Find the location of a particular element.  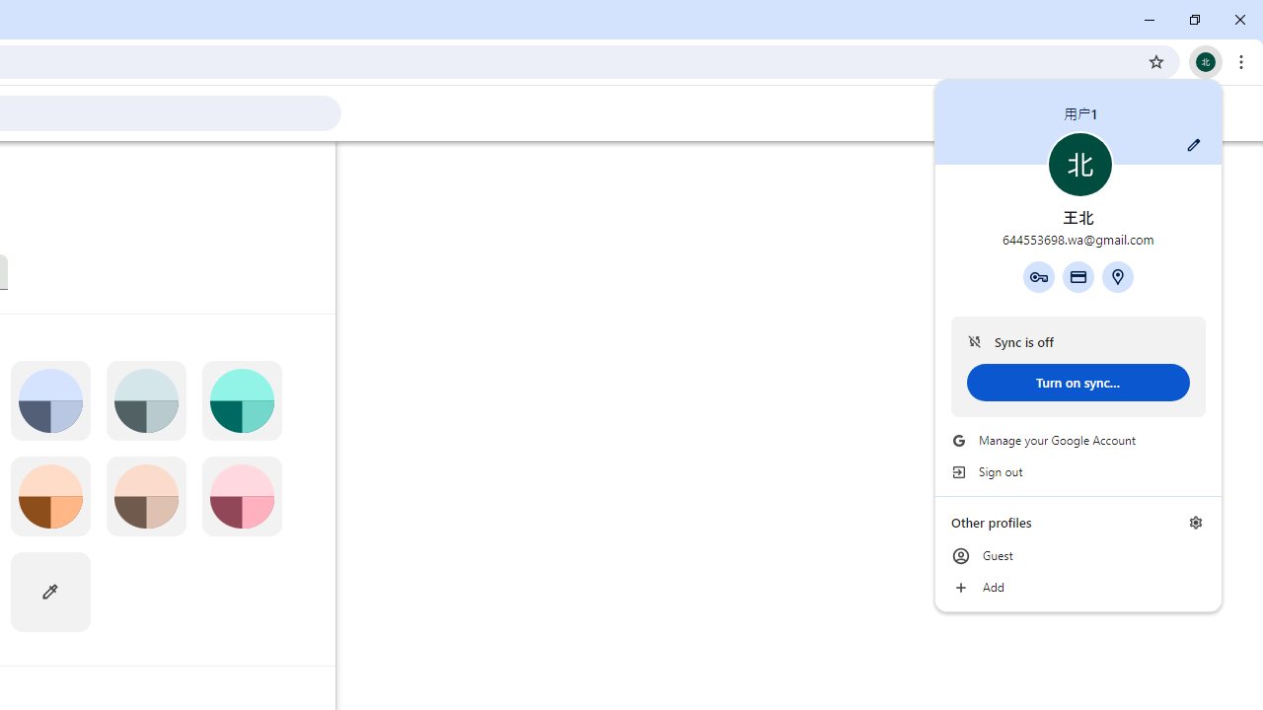

'Guest' is located at coordinates (1077, 556).